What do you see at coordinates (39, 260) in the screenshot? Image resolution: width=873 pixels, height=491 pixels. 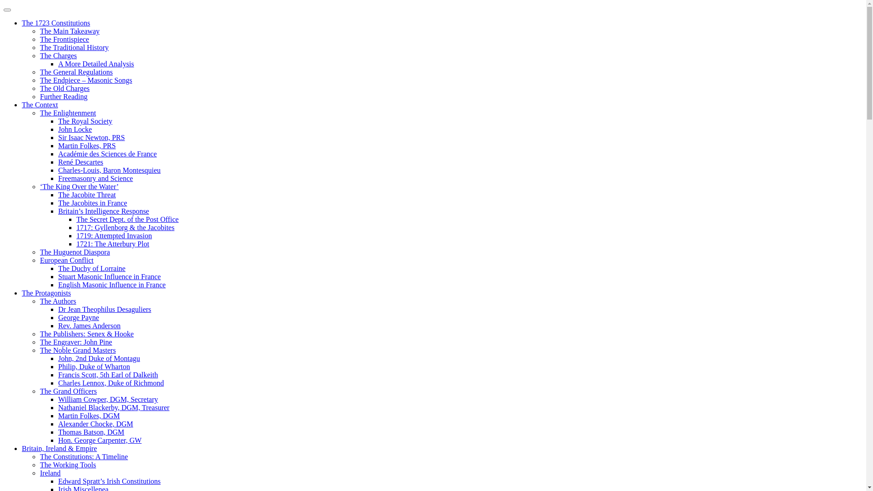 I see `'European Conflict'` at bounding box center [39, 260].